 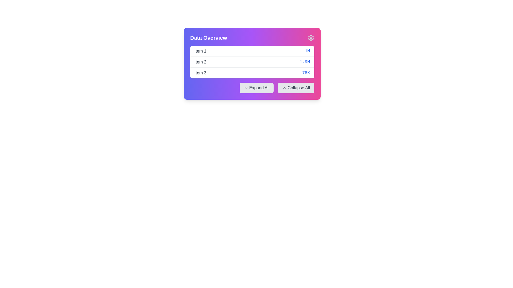 I want to click on the first list item displaying 'Item 1' on the left and '1M' on the right, located within the 'Data Overview' card component, so click(x=252, y=51).